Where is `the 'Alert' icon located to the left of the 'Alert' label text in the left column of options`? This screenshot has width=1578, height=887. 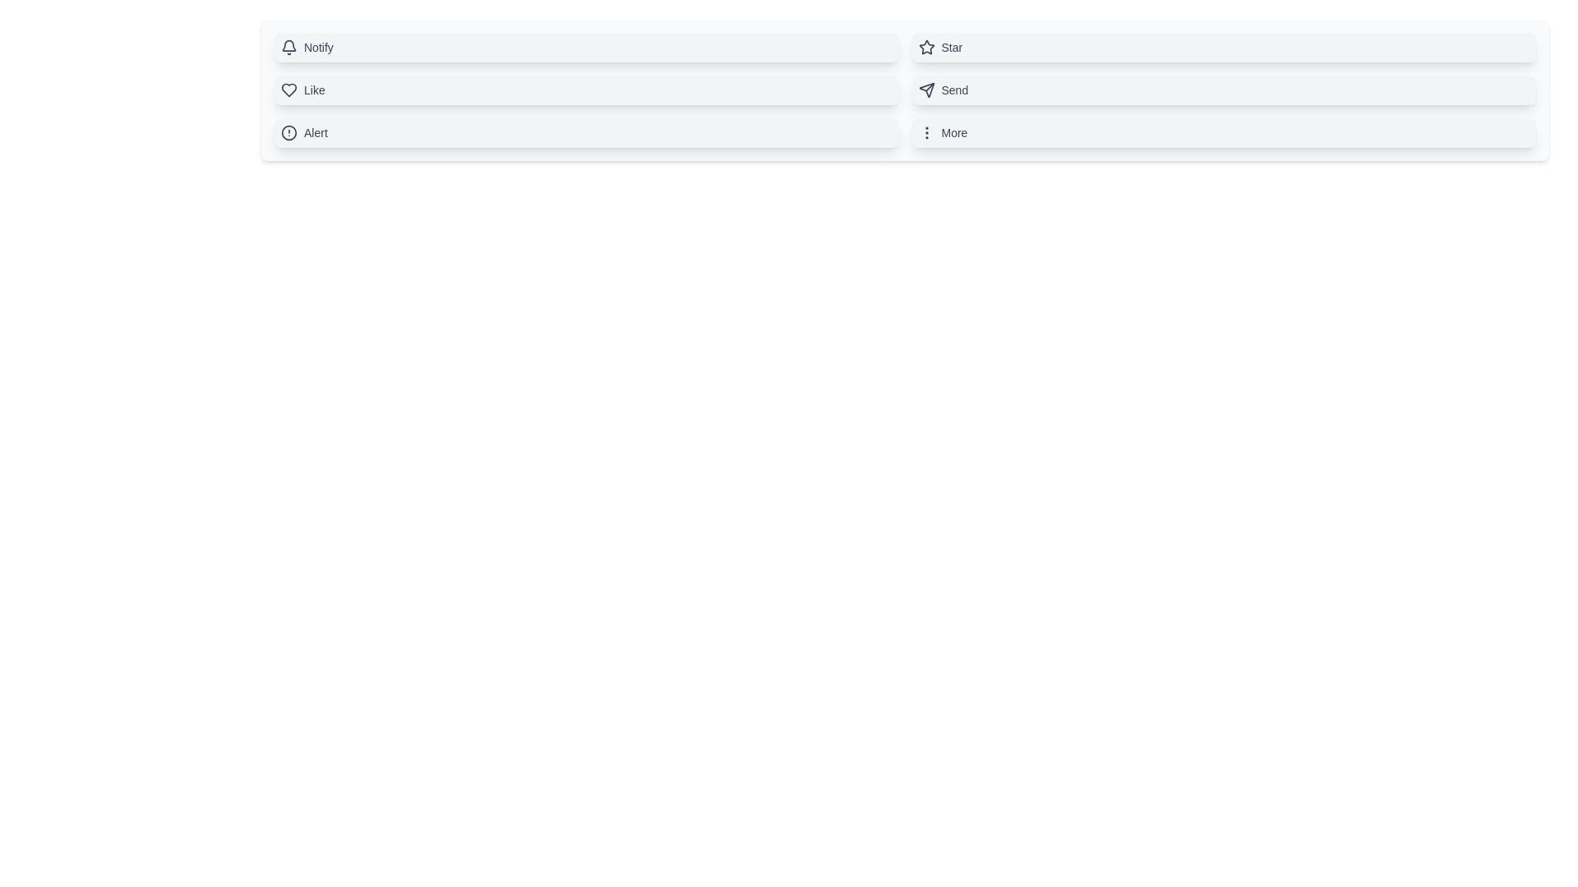
the 'Alert' icon located to the left of the 'Alert' label text in the left column of options is located at coordinates (288, 132).